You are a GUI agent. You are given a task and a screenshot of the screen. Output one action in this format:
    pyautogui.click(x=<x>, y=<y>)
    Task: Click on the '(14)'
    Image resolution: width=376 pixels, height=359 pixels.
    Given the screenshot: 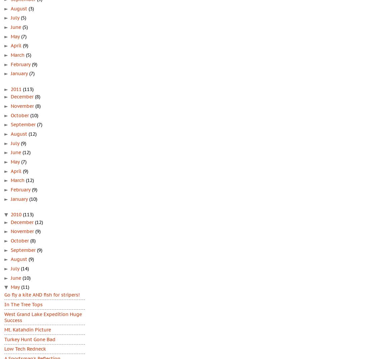 What is the action you would take?
    pyautogui.click(x=25, y=269)
    